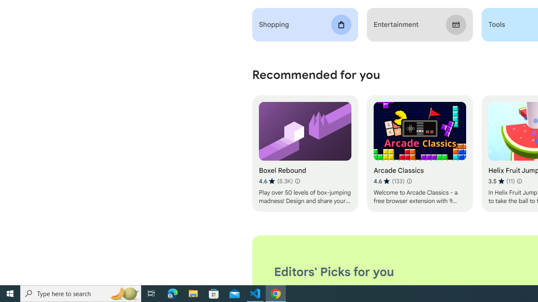 This screenshot has width=538, height=302. What do you see at coordinates (304, 154) in the screenshot?
I see `'Boxel Rebound'` at bounding box center [304, 154].